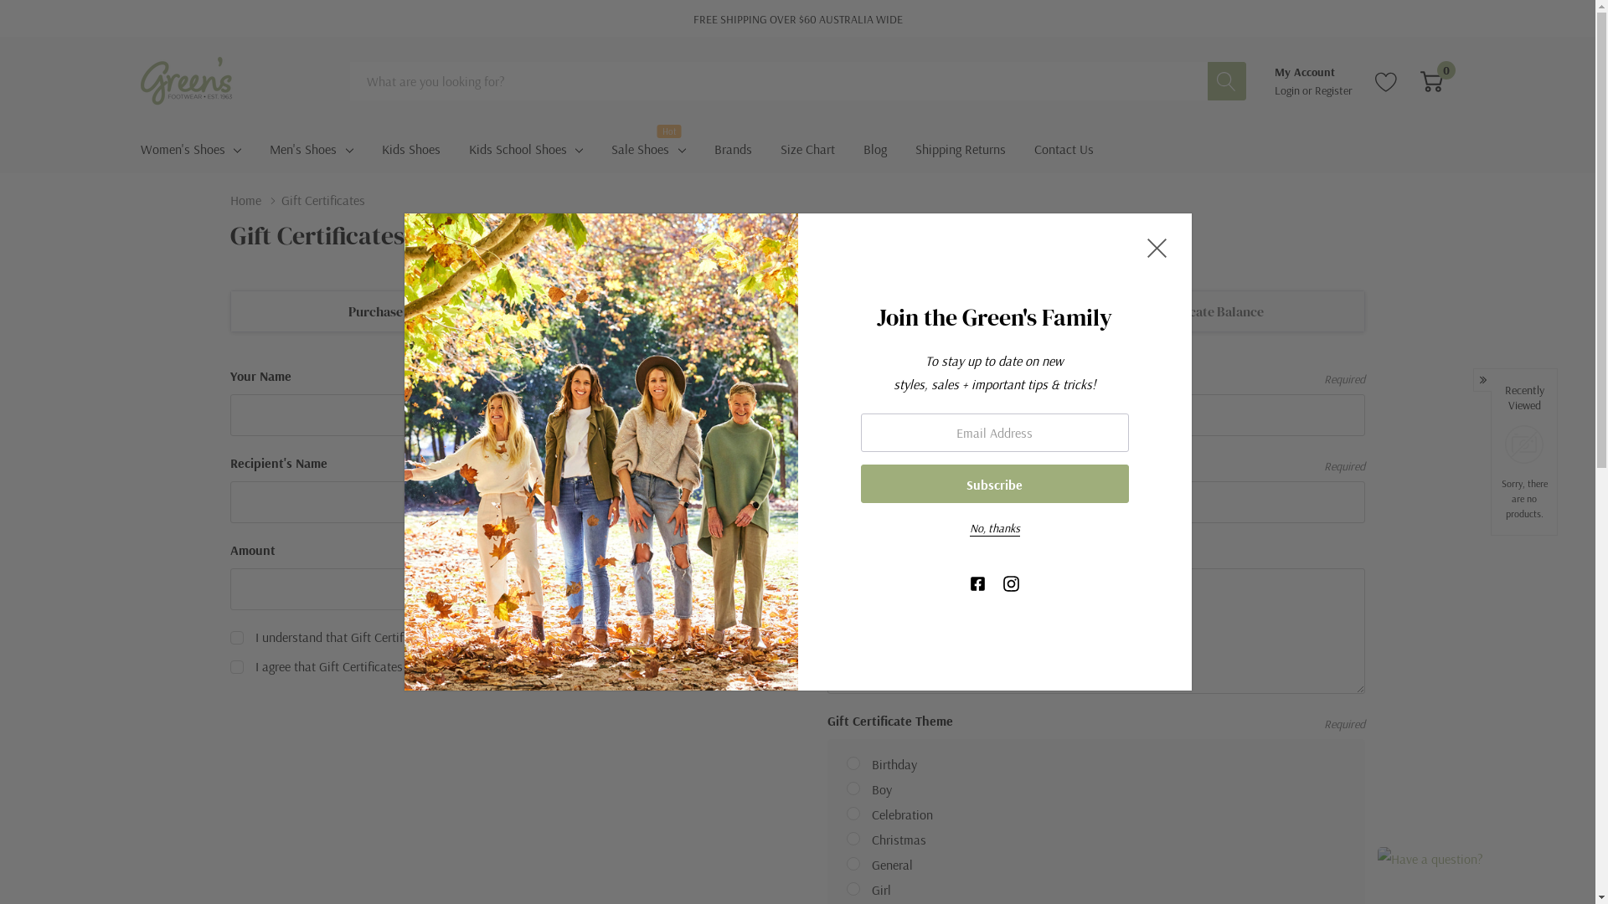 This screenshot has width=1608, height=904. Describe the element at coordinates (1063, 147) in the screenshot. I see `'Contact Us'` at that location.